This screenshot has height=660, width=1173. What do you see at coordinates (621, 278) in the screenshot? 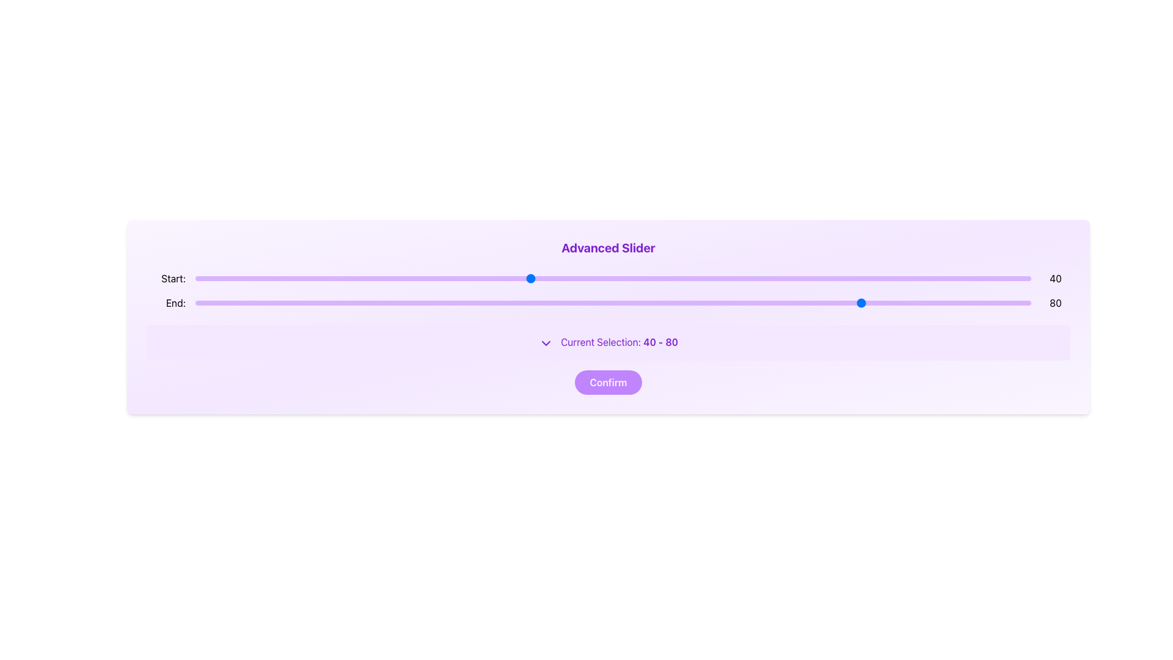
I see `the start slider` at bounding box center [621, 278].